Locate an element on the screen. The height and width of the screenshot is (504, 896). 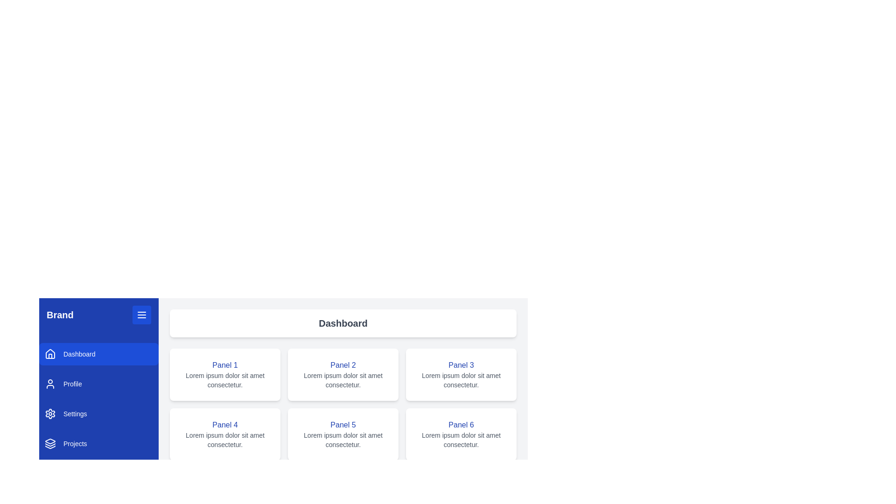
the 'Panel 3' text label, which serves as the title for the third panel in a grid layout is located at coordinates (461, 365).